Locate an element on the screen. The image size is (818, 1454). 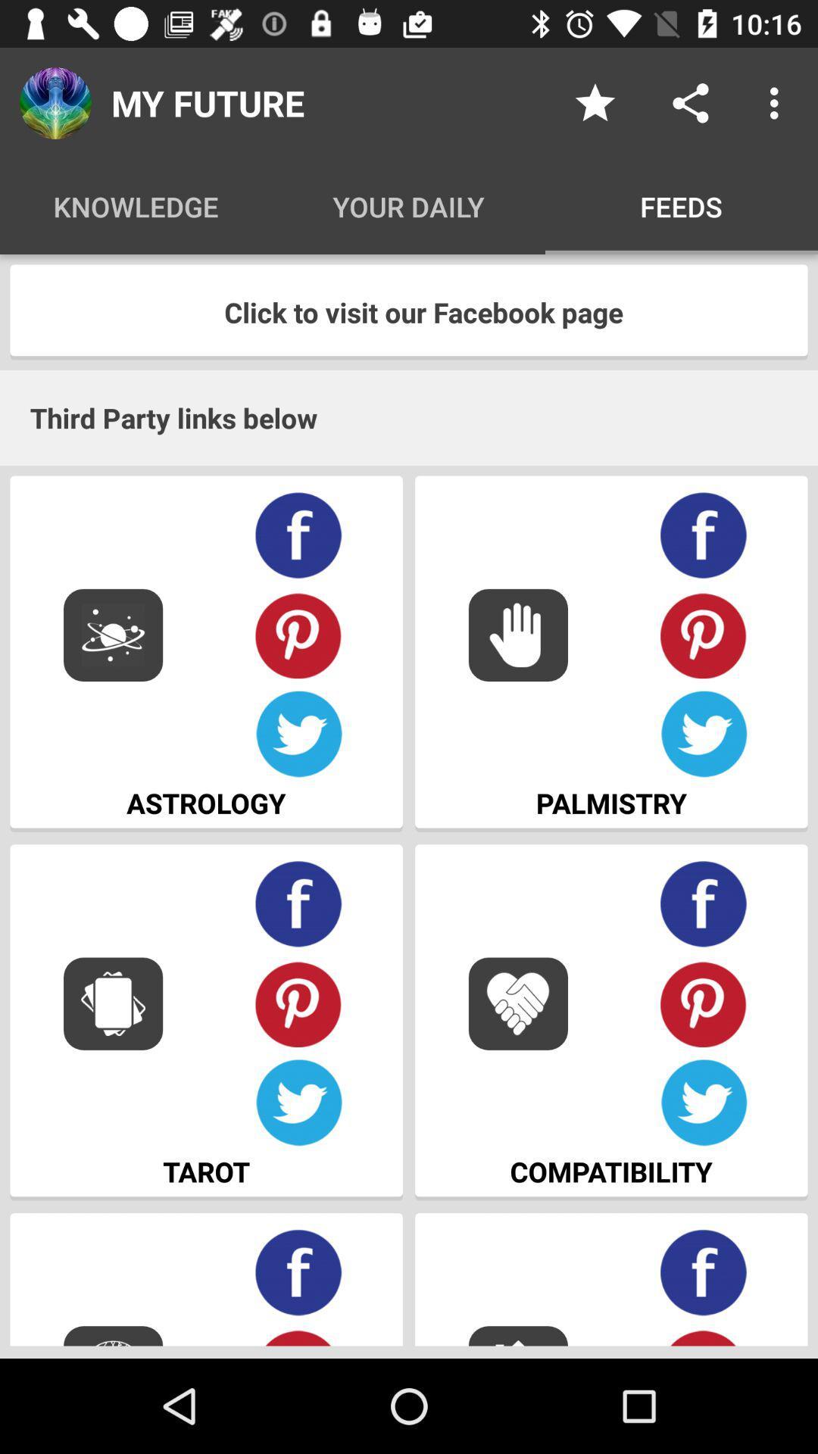
share on pinterest is located at coordinates (704, 1003).